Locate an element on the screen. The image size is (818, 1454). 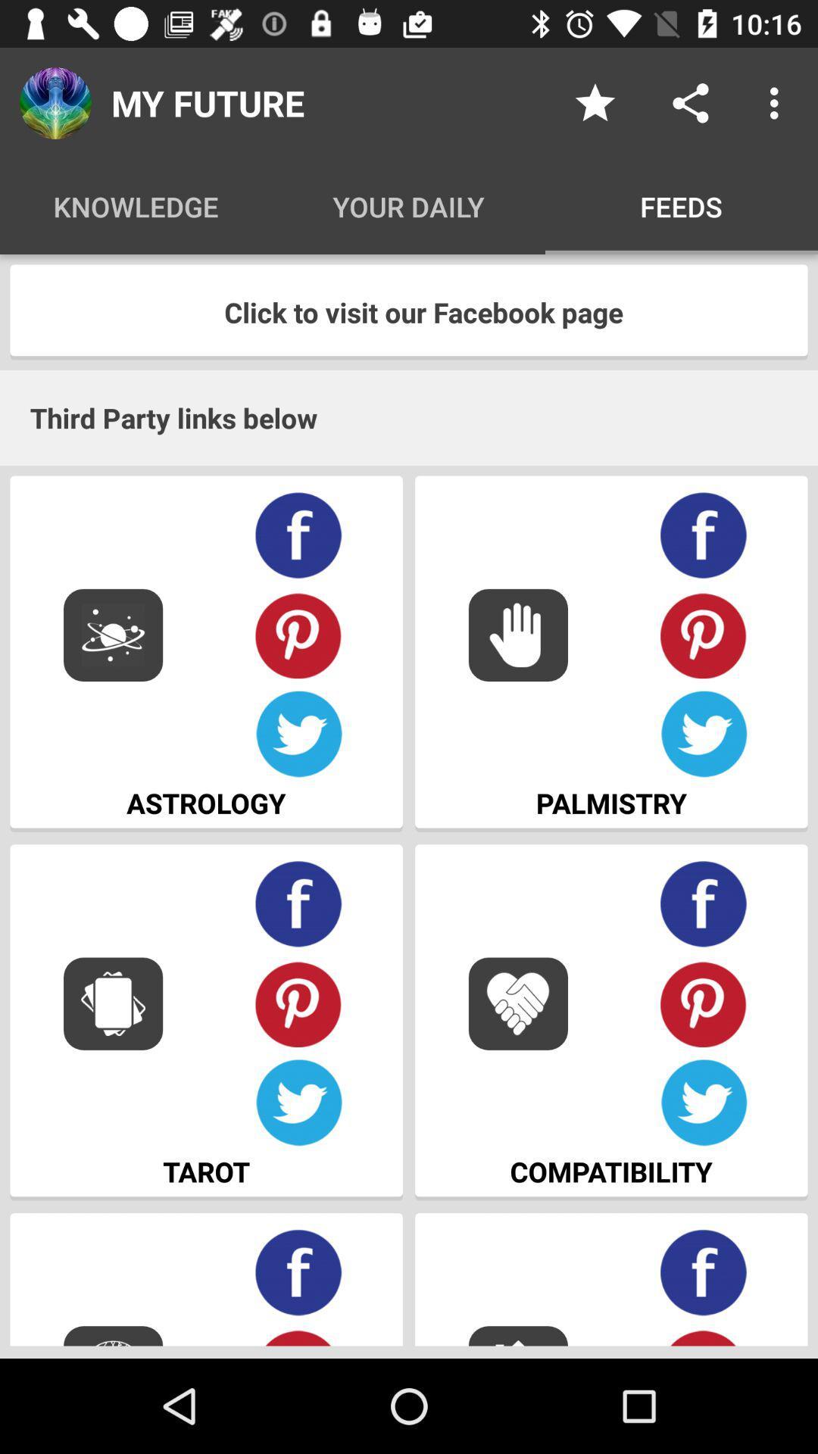
share on pinterest is located at coordinates (704, 1003).